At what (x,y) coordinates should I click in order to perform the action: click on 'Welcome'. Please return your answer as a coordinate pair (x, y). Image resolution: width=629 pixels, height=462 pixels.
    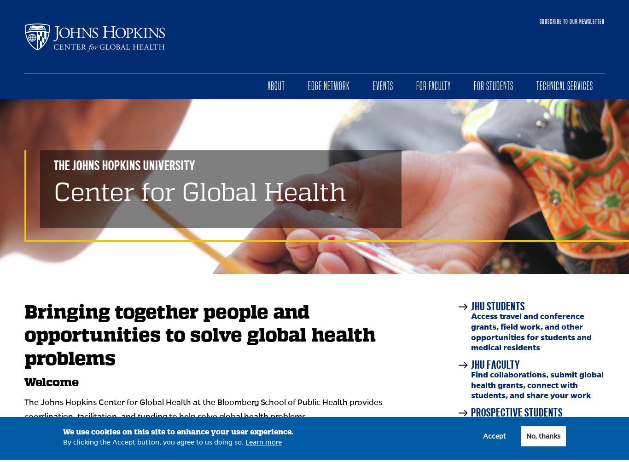
    Looking at the image, I should click on (52, 382).